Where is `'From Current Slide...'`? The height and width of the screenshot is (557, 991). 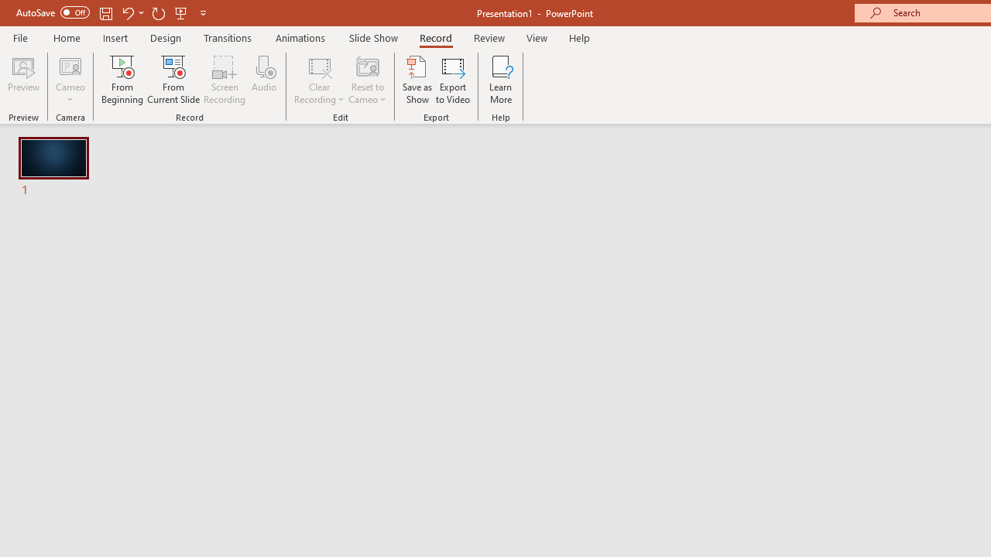 'From Current Slide...' is located at coordinates (173, 80).